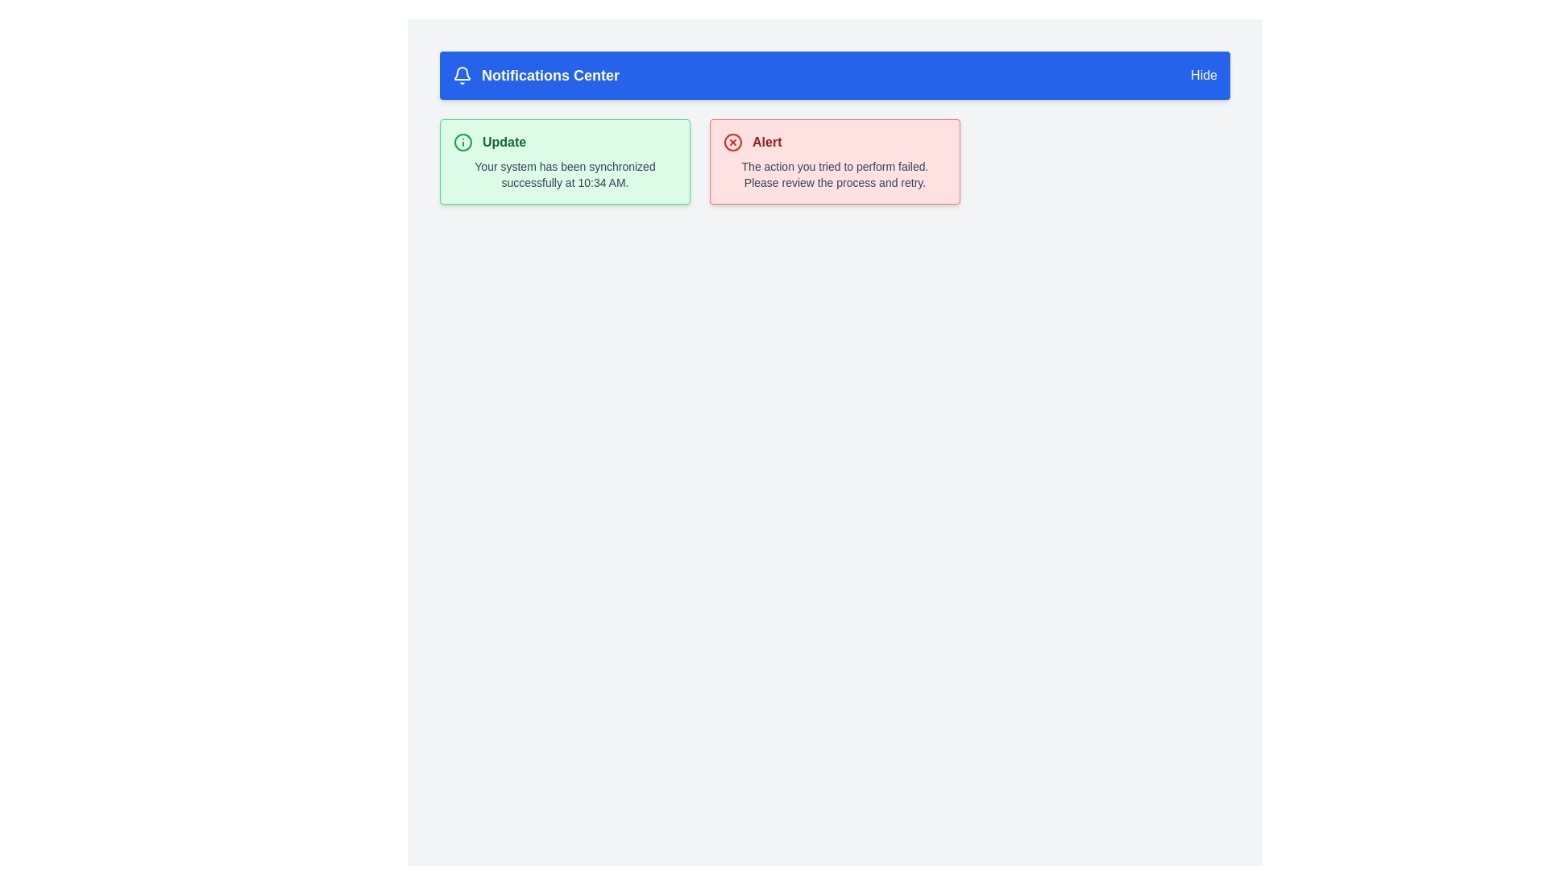  Describe the element at coordinates (462, 142) in the screenshot. I see `the larger SVG circle component of the notification icon labeled 'Update' located in the top-left corner` at that location.